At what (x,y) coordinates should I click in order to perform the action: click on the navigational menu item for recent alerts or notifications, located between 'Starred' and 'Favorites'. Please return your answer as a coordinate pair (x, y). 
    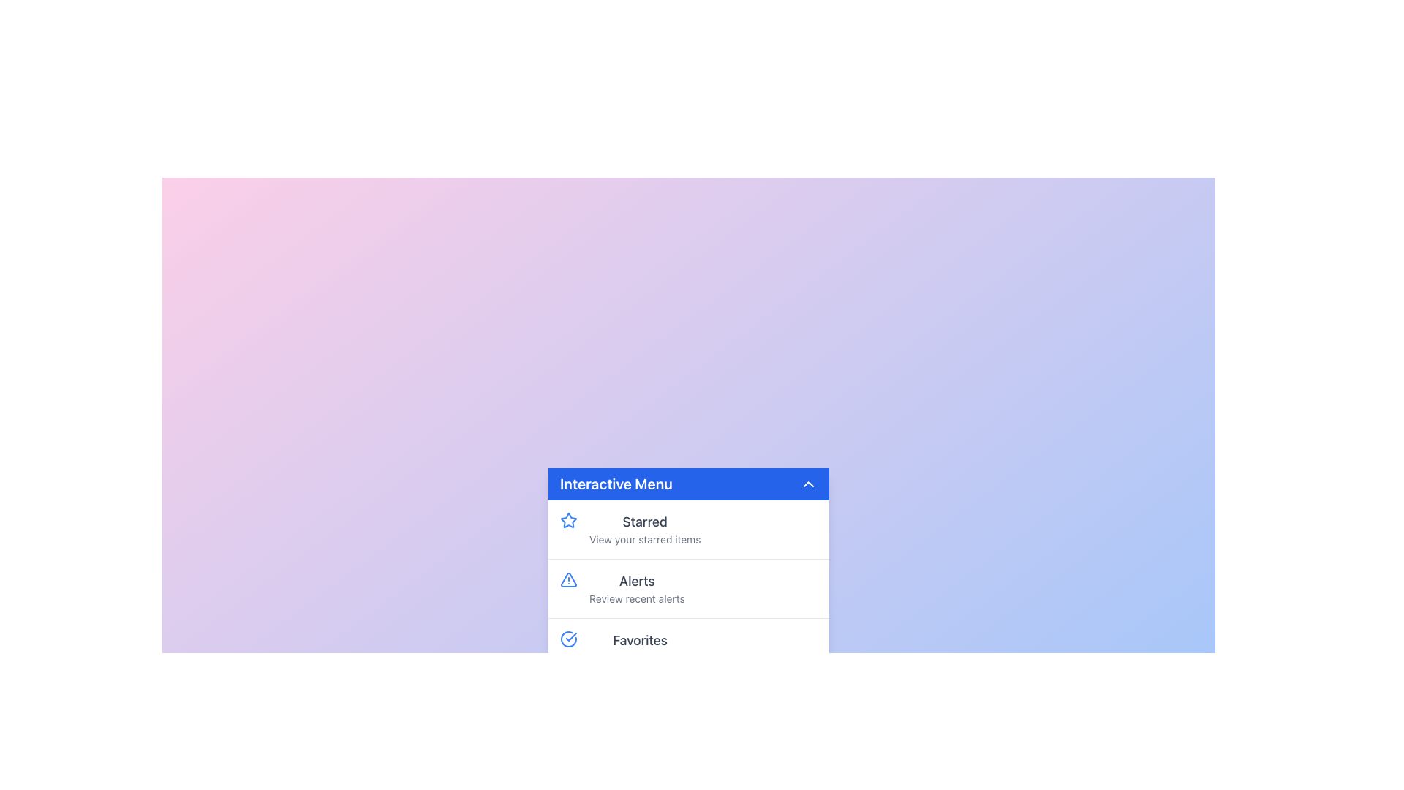
    Looking at the image, I should click on (687, 587).